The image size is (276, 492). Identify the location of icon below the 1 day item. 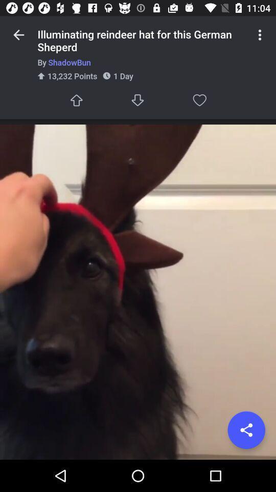
(138, 100).